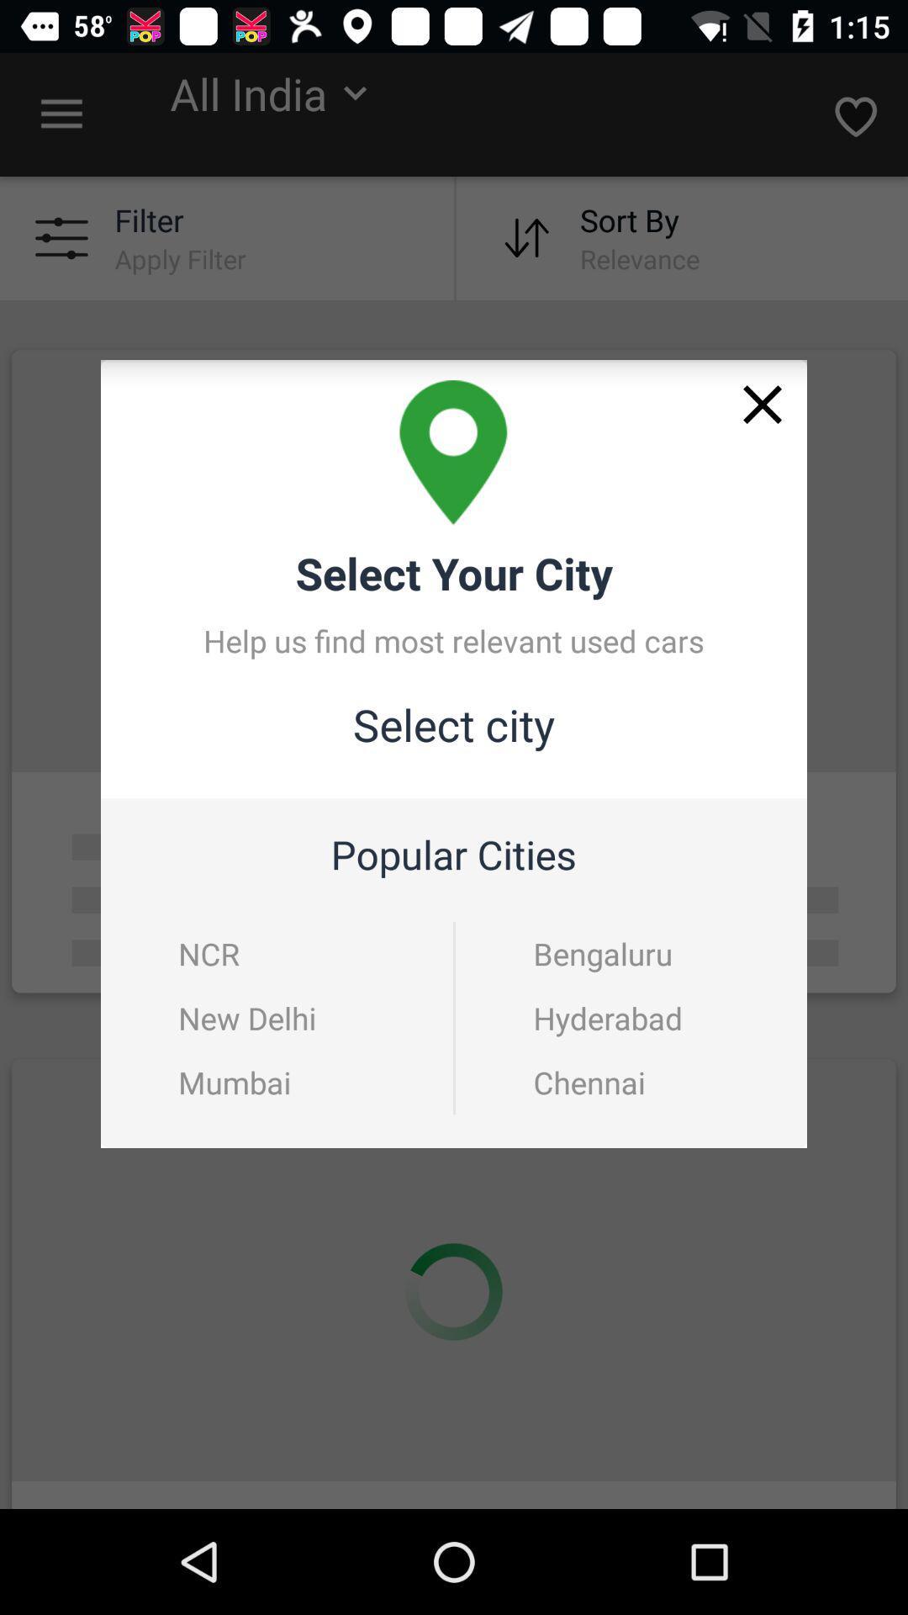  What do you see at coordinates (632, 1017) in the screenshot?
I see `the item above the chennai icon` at bounding box center [632, 1017].